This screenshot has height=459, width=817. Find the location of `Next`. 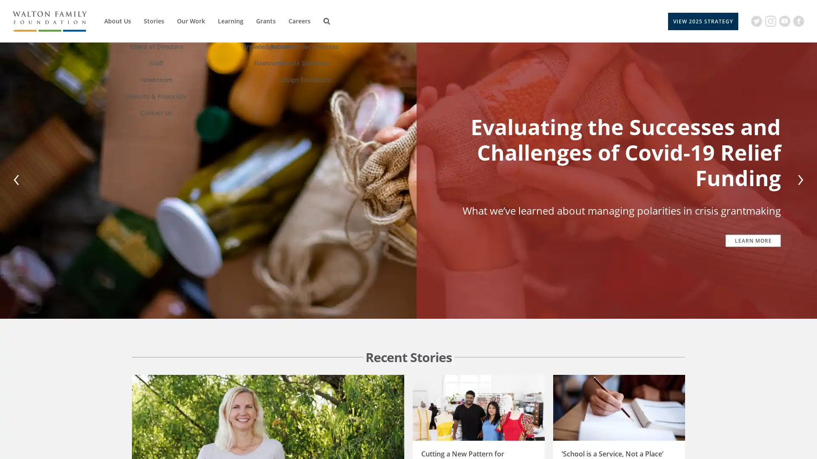

Next is located at coordinates (798, 180).